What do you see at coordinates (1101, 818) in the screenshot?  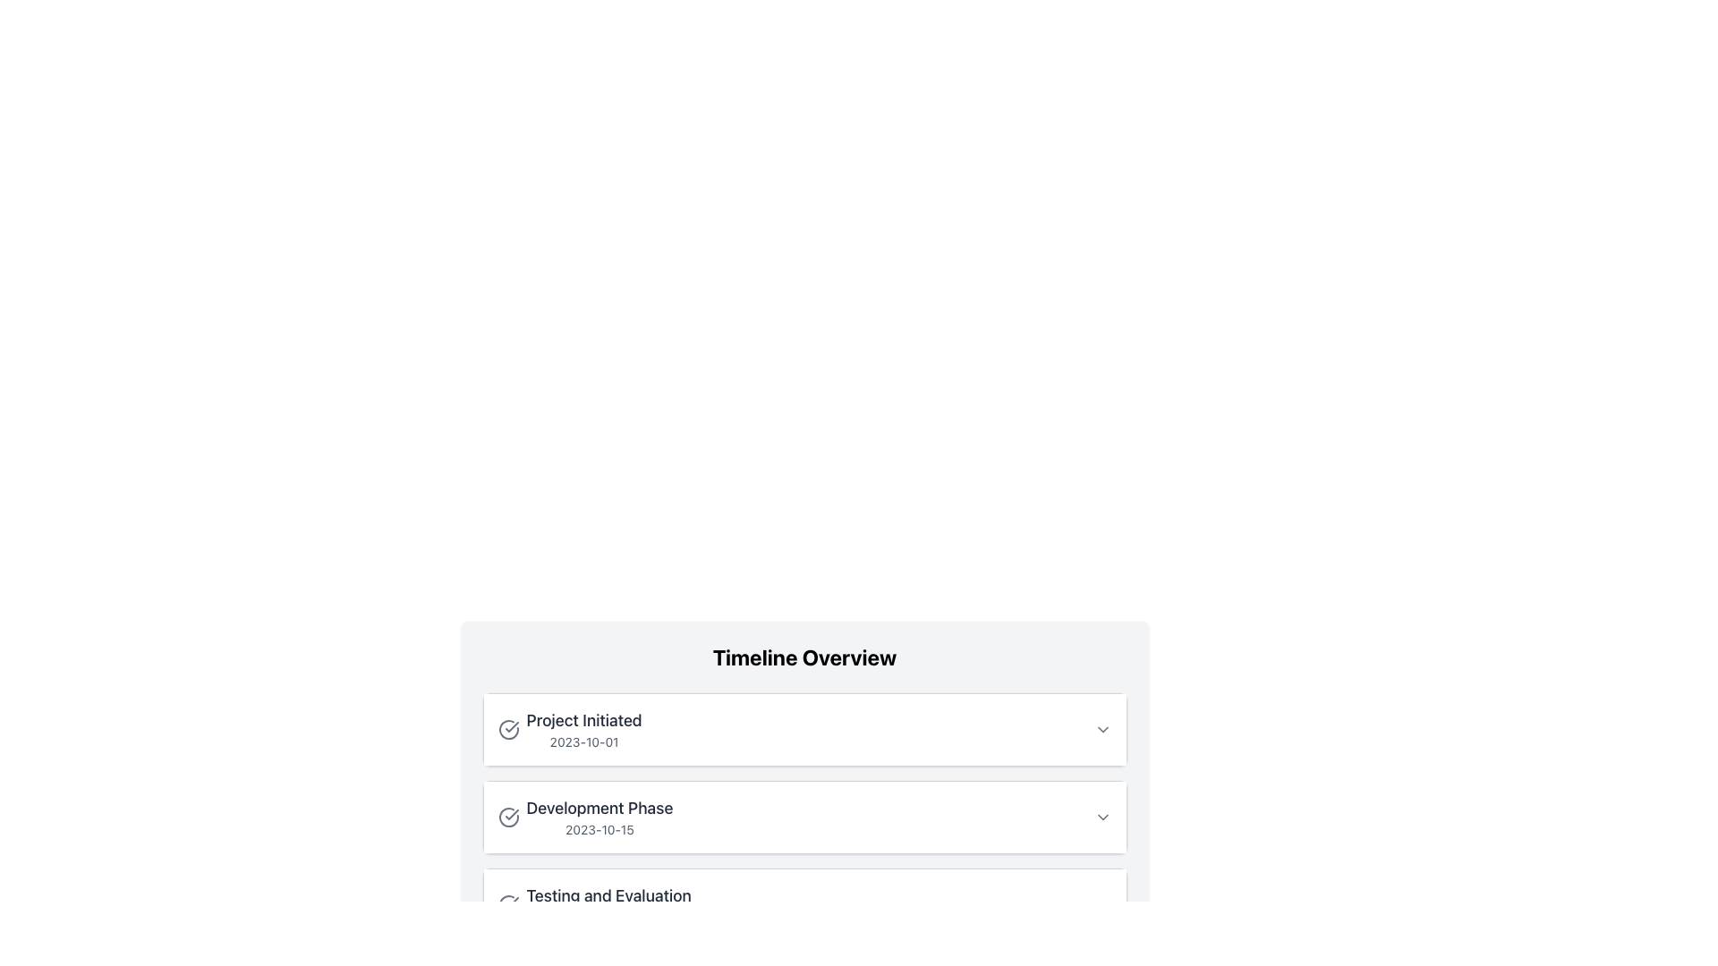 I see `the chevron icon at the far-right end of the 'Development Phase' row in the 'Timeline Overview' section` at bounding box center [1101, 818].